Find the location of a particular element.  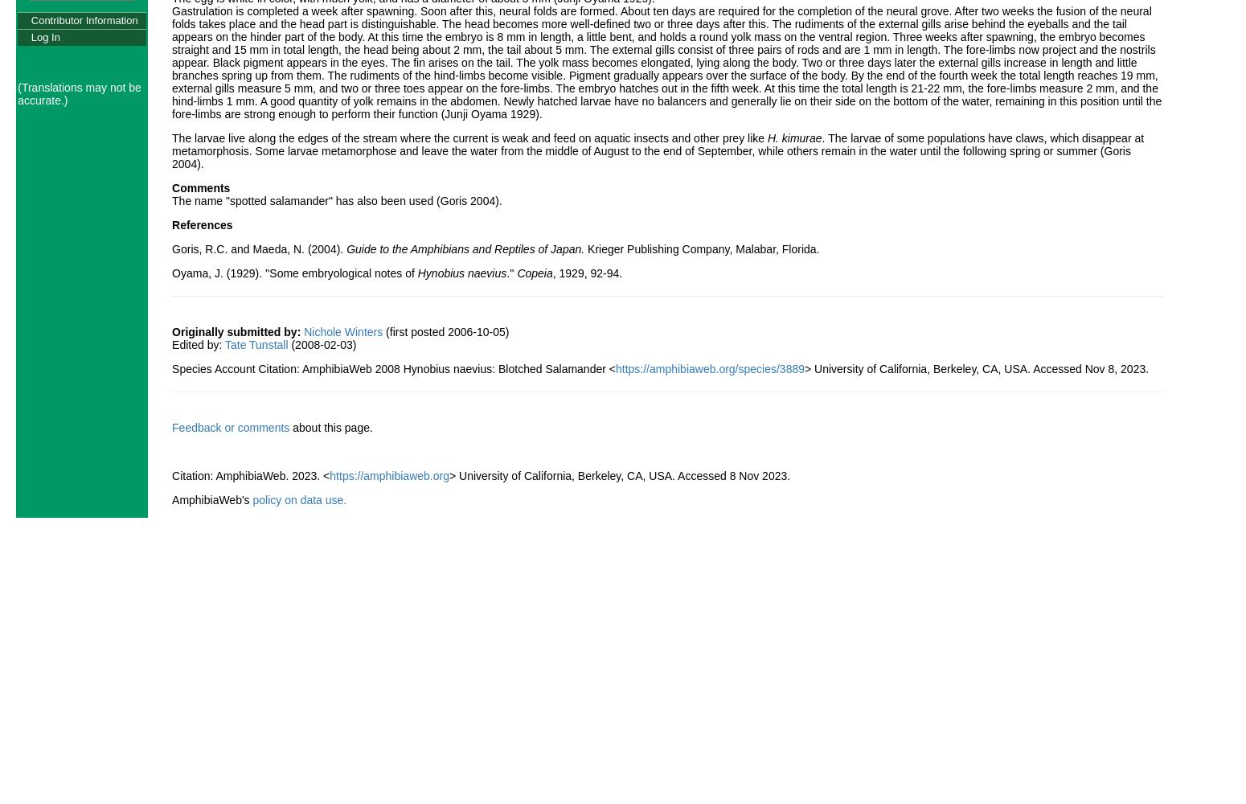

'. The larvae of some populations have claws, which disappear at metamorphosis.  
Some larvae metamorphose and leave the water from the middle of August to the end of September, while others remain in the water until the following spring or summer (Goris 2004).' is located at coordinates (657, 150).